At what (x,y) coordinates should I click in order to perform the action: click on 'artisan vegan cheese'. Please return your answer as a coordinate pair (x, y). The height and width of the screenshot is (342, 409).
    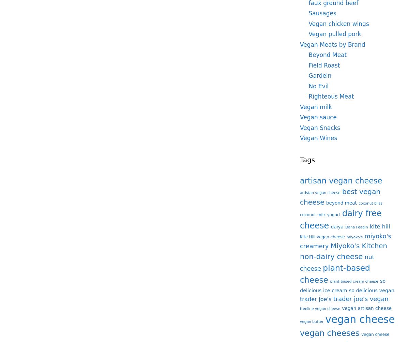
    Looking at the image, I should click on (299, 180).